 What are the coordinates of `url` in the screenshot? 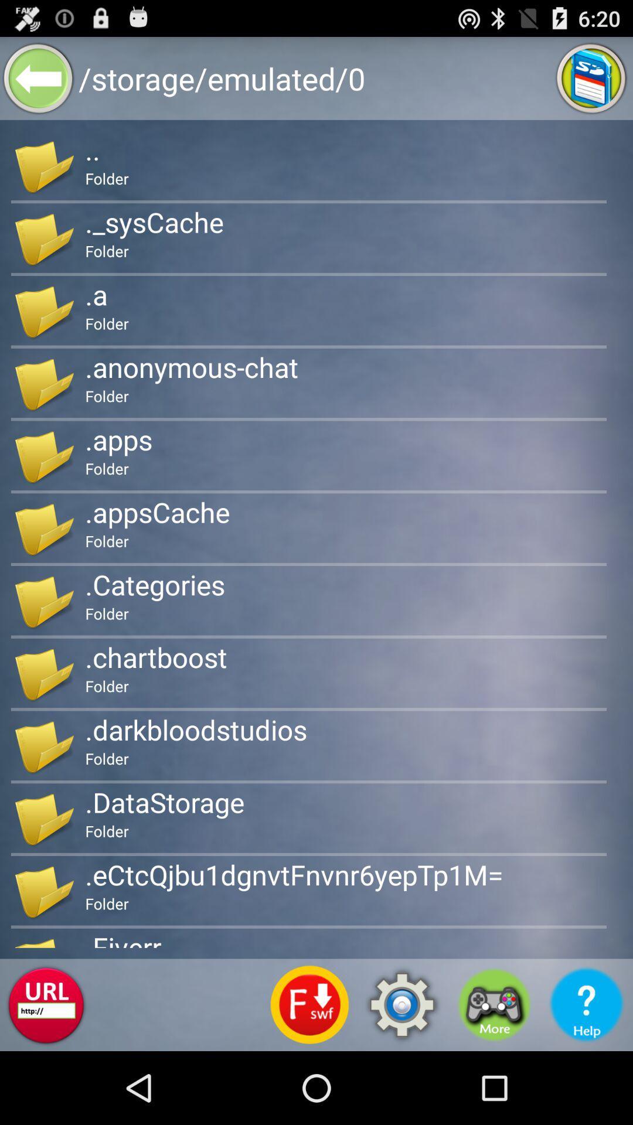 It's located at (45, 1004).